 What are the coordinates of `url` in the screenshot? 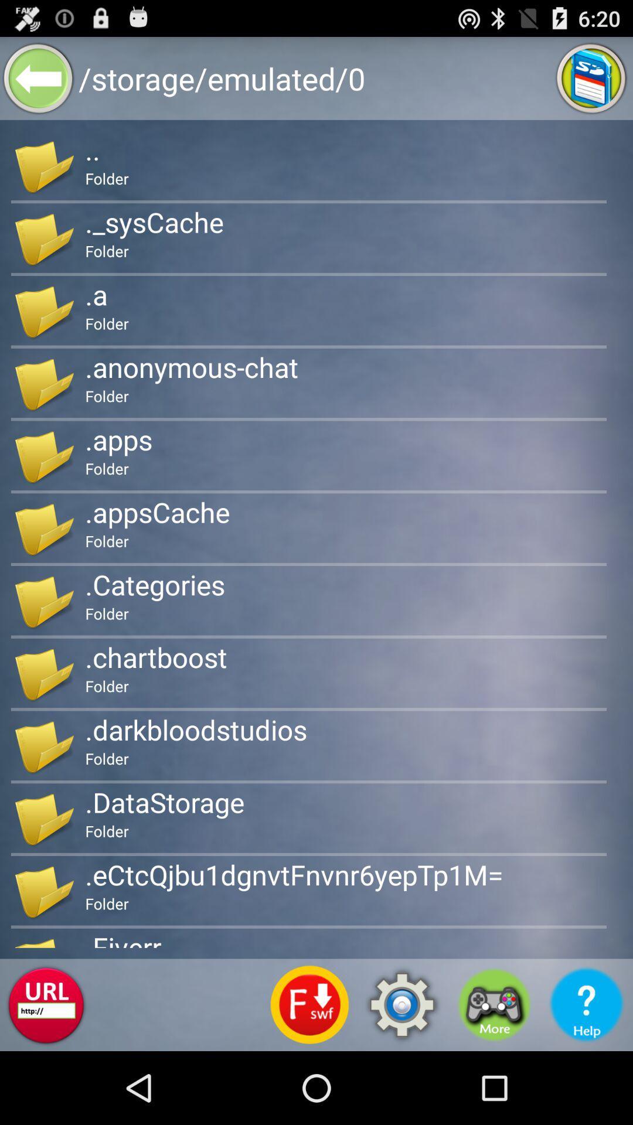 It's located at (45, 1004).